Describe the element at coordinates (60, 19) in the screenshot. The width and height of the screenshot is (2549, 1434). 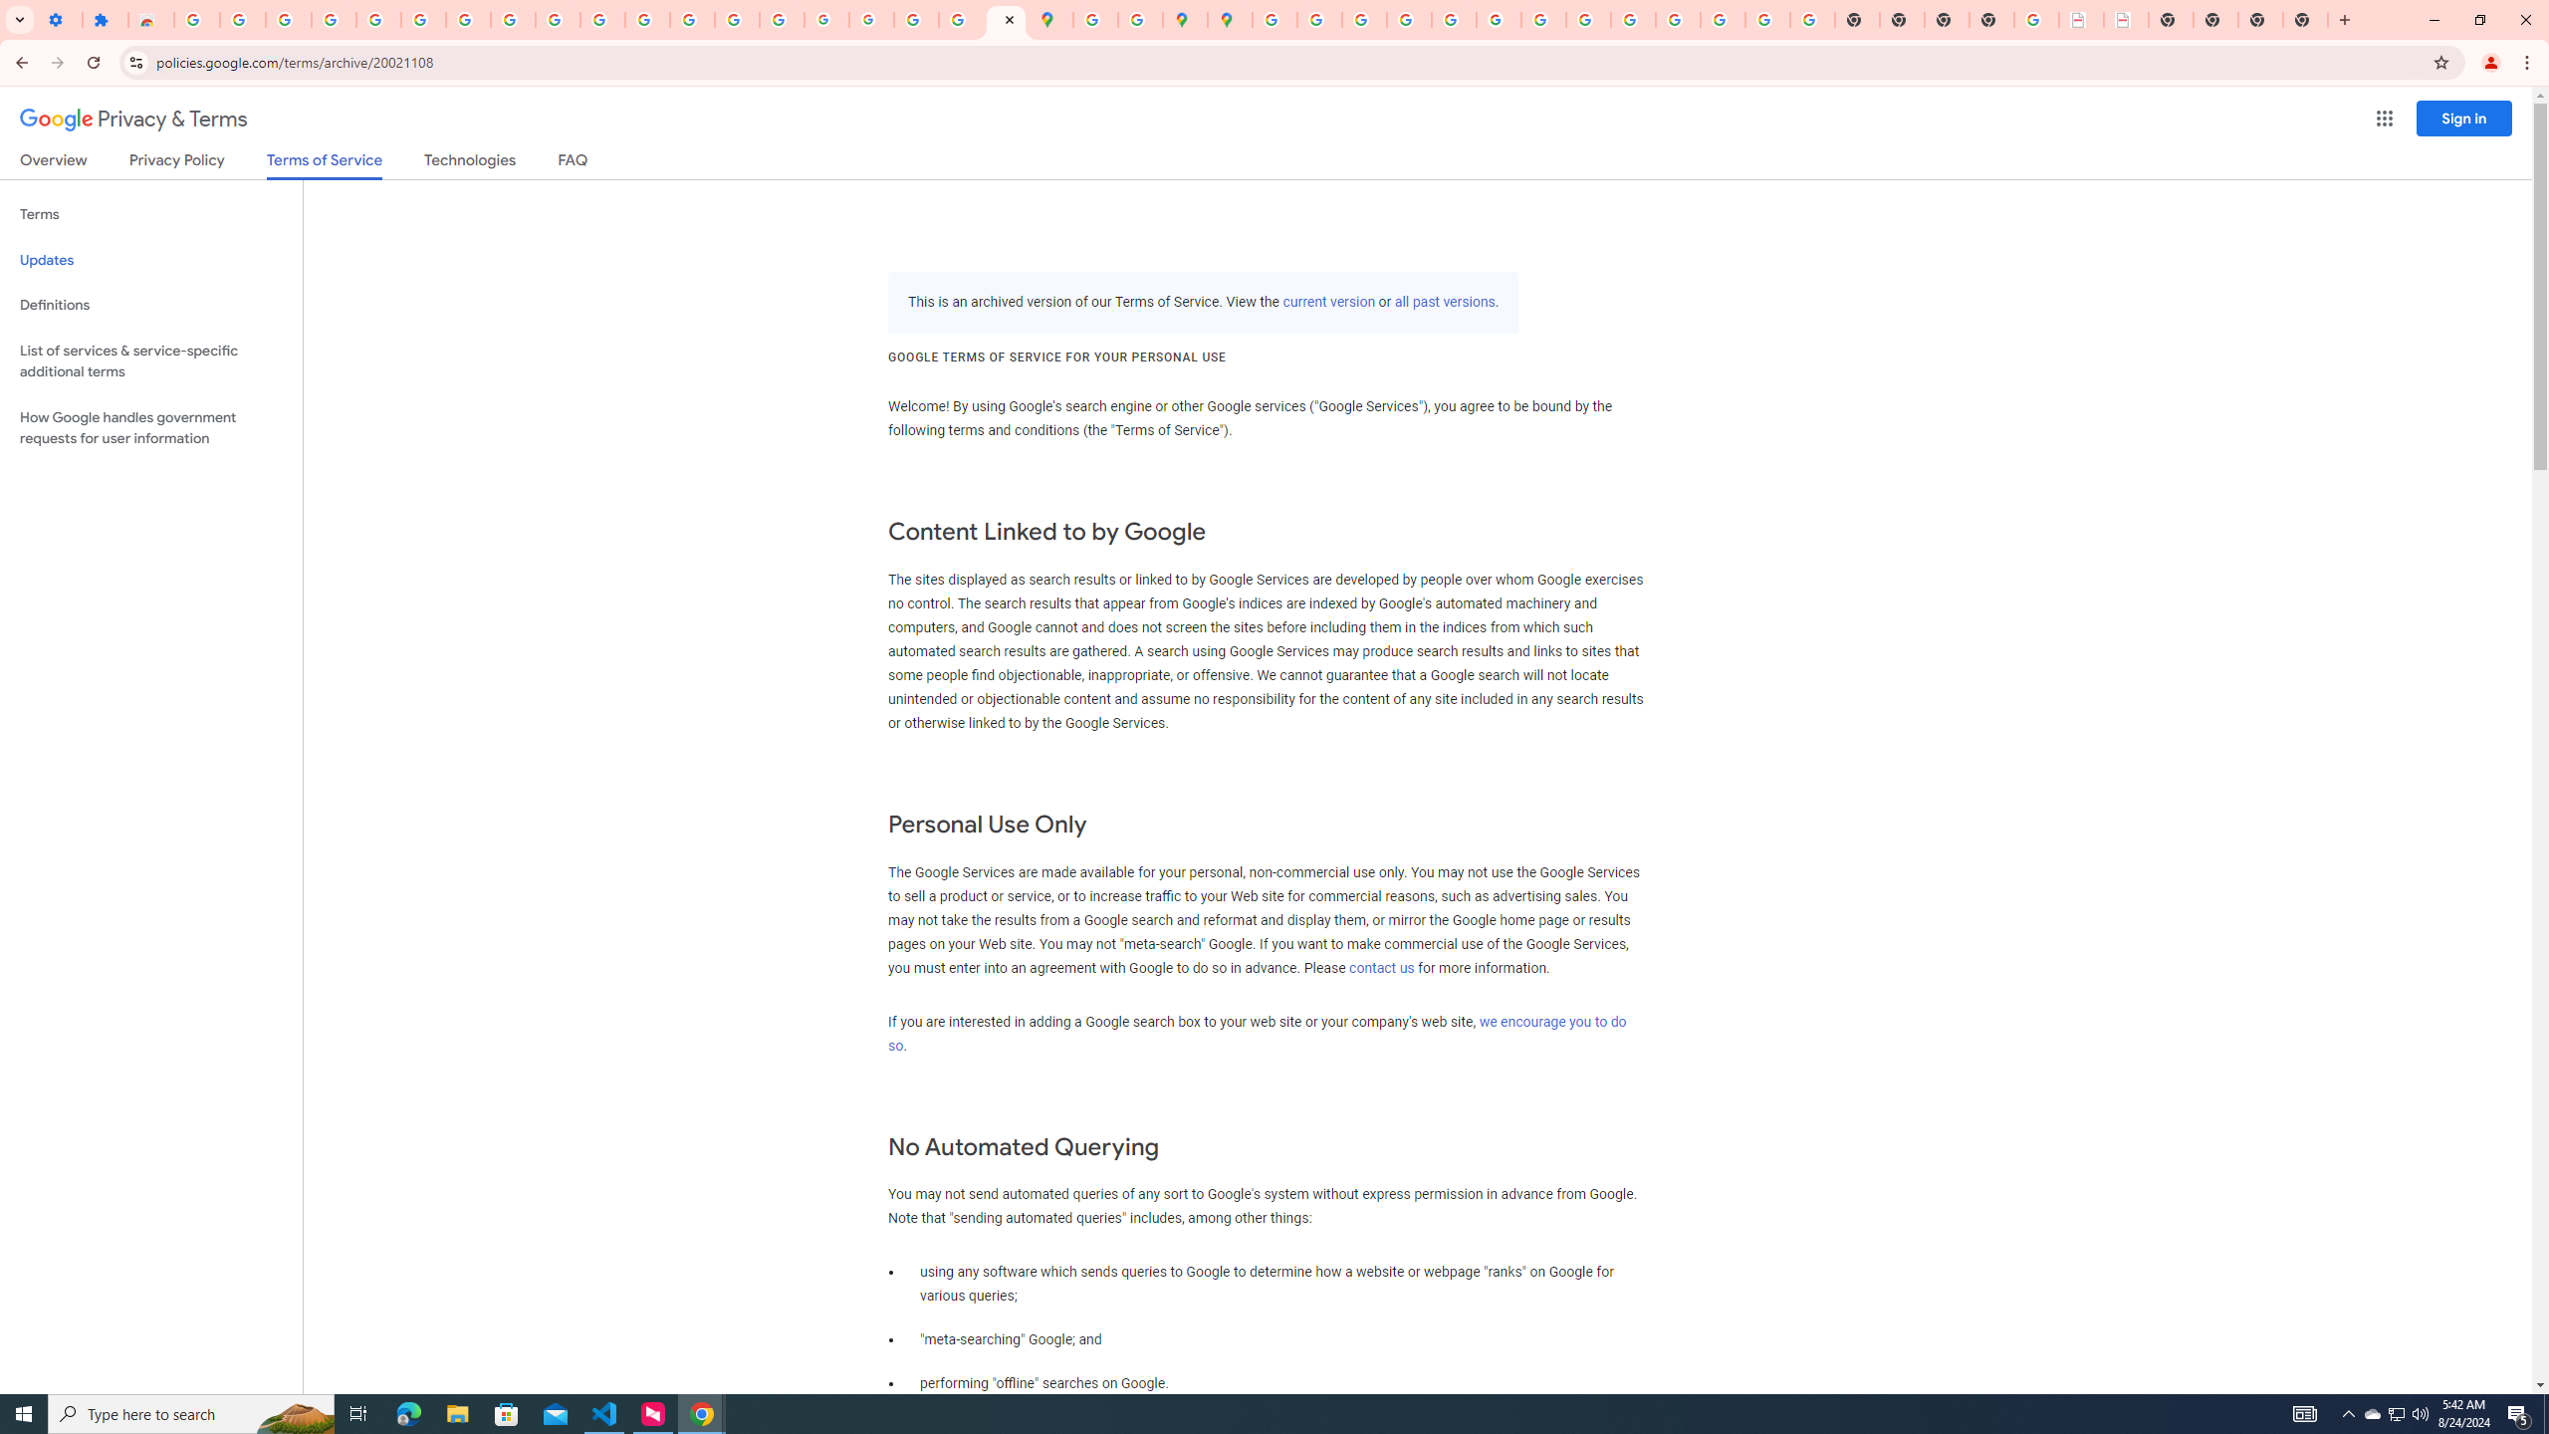
I see `'Settings - On startup'` at that location.